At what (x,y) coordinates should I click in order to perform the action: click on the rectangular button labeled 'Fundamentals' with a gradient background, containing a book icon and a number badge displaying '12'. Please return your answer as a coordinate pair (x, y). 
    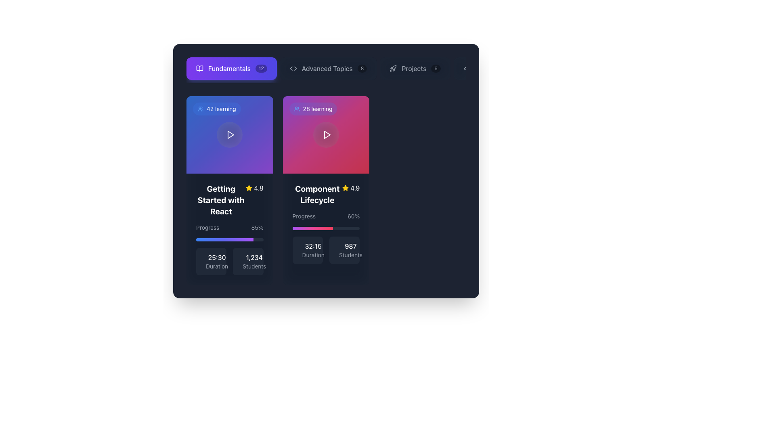
    Looking at the image, I should click on (231, 68).